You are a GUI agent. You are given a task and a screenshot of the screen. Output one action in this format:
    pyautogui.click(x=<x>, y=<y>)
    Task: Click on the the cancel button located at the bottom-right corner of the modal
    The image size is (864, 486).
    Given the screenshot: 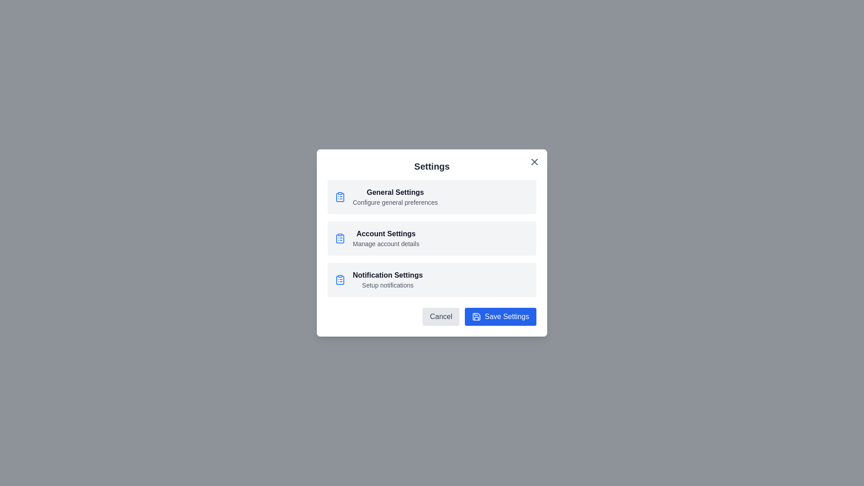 What is the action you would take?
    pyautogui.click(x=441, y=316)
    